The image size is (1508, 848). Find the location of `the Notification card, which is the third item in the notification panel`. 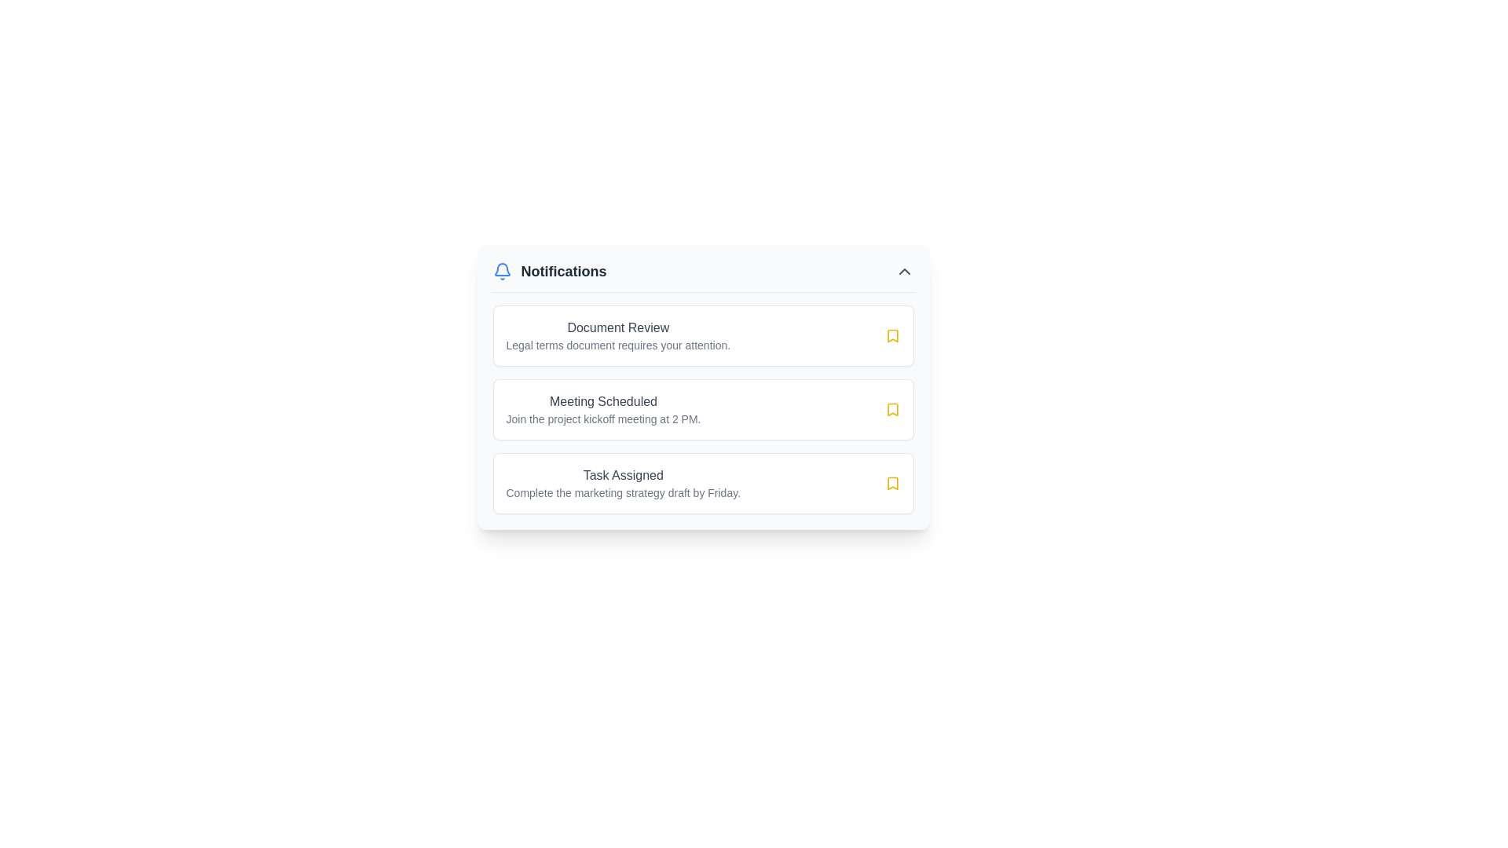

the Notification card, which is the third item in the notification panel is located at coordinates (702, 483).